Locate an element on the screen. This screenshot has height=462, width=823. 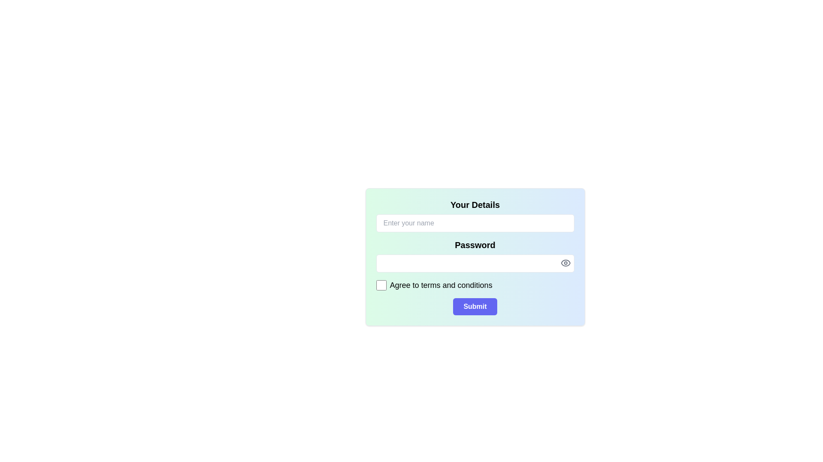
the submission button located below the 'Agree to terms and conditions' checkbox to observe the hover effect is located at coordinates (475, 306).